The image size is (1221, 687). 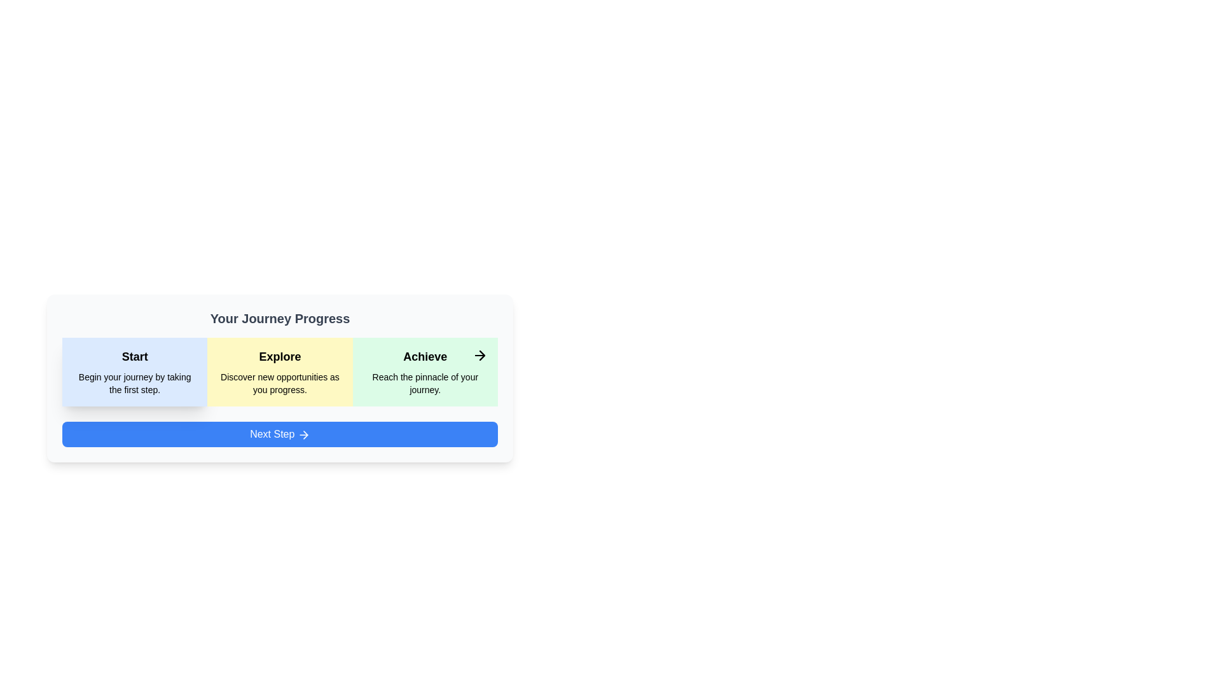 I want to click on the bold text label 'Explore' that is centrally aligned within a yellow background section, so click(x=279, y=356).